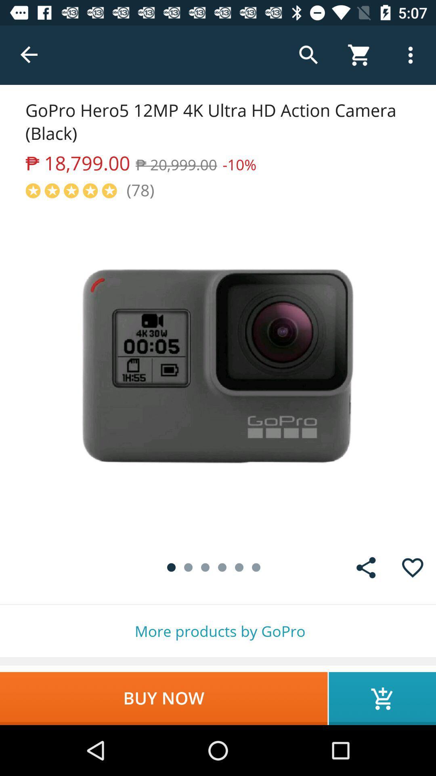  Describe the element at coordinates (366, 567) in the screenshot. I see `share button` at that location.